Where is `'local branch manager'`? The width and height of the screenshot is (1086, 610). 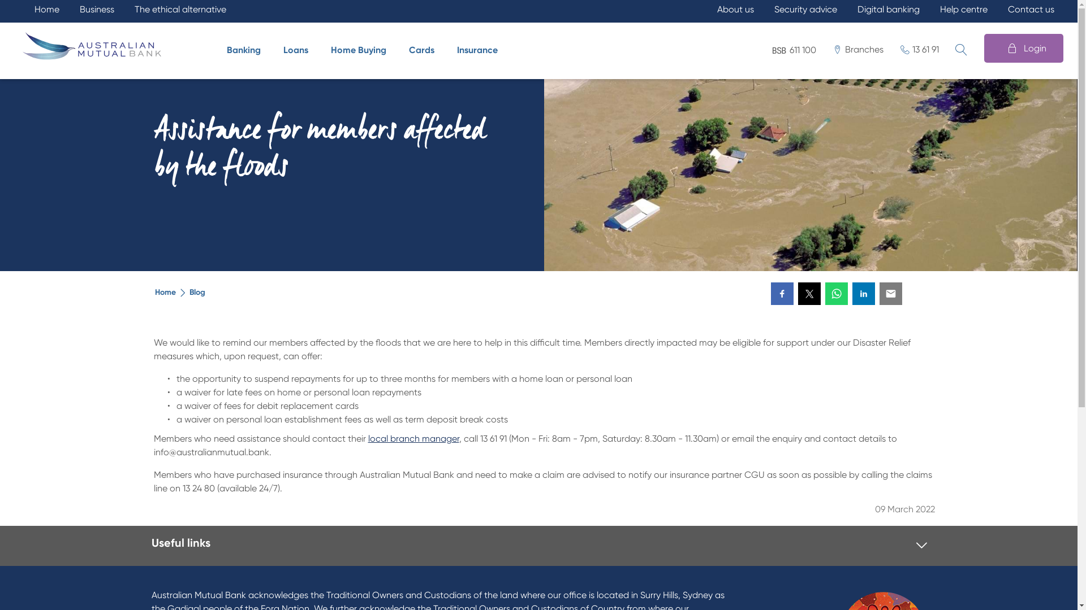 'local branch manager' is located at coordinates (367, 438).